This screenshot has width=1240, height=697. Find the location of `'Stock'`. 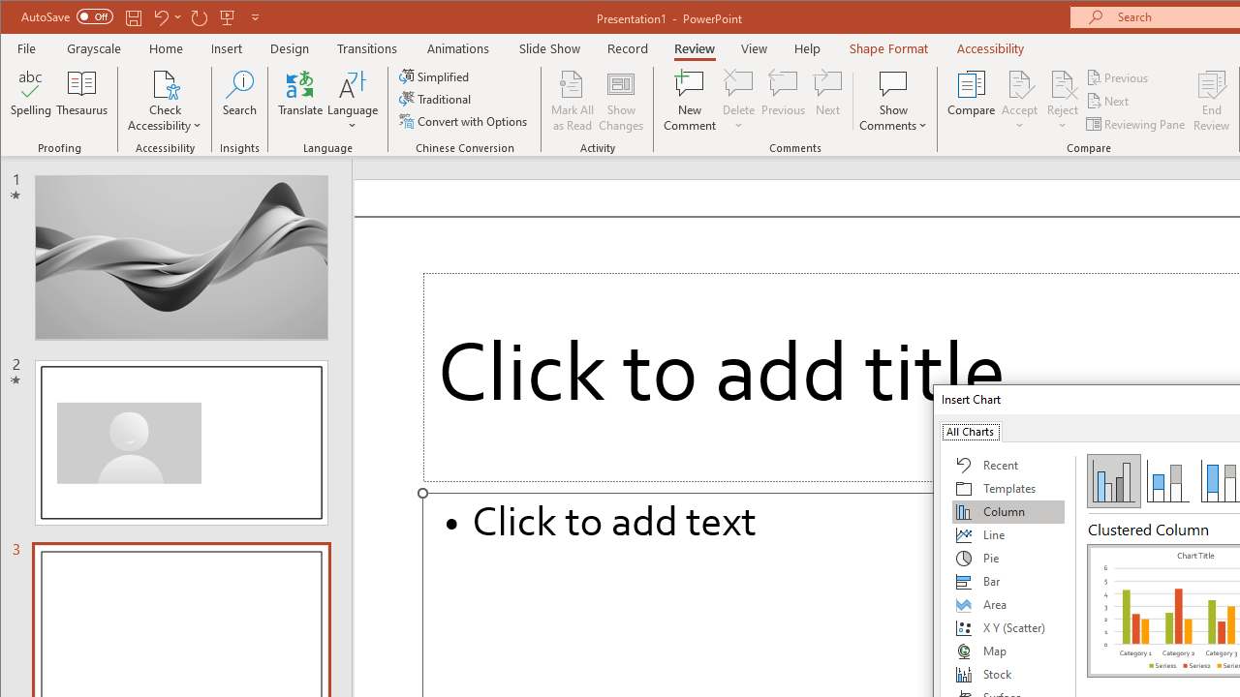

'Stock' is located at coordinates (1007, 673).